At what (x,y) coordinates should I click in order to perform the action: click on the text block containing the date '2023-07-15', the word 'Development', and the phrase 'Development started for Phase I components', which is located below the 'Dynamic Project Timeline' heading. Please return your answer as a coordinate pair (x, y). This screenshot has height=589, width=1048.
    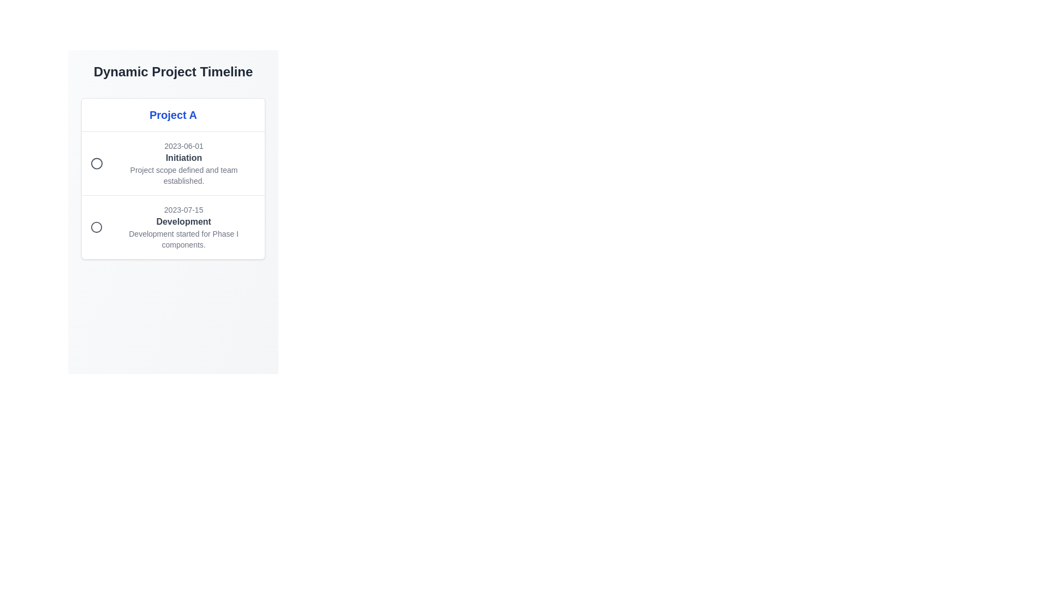
    Looking at the image, I should click on (183, 226).